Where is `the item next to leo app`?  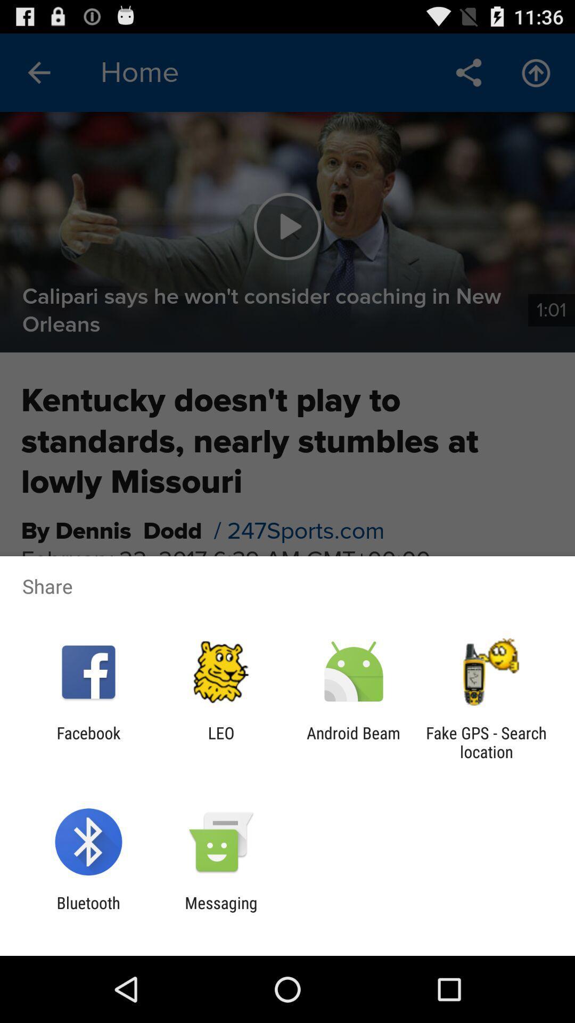 the item next to leo app is located at coordinates (88, 742).